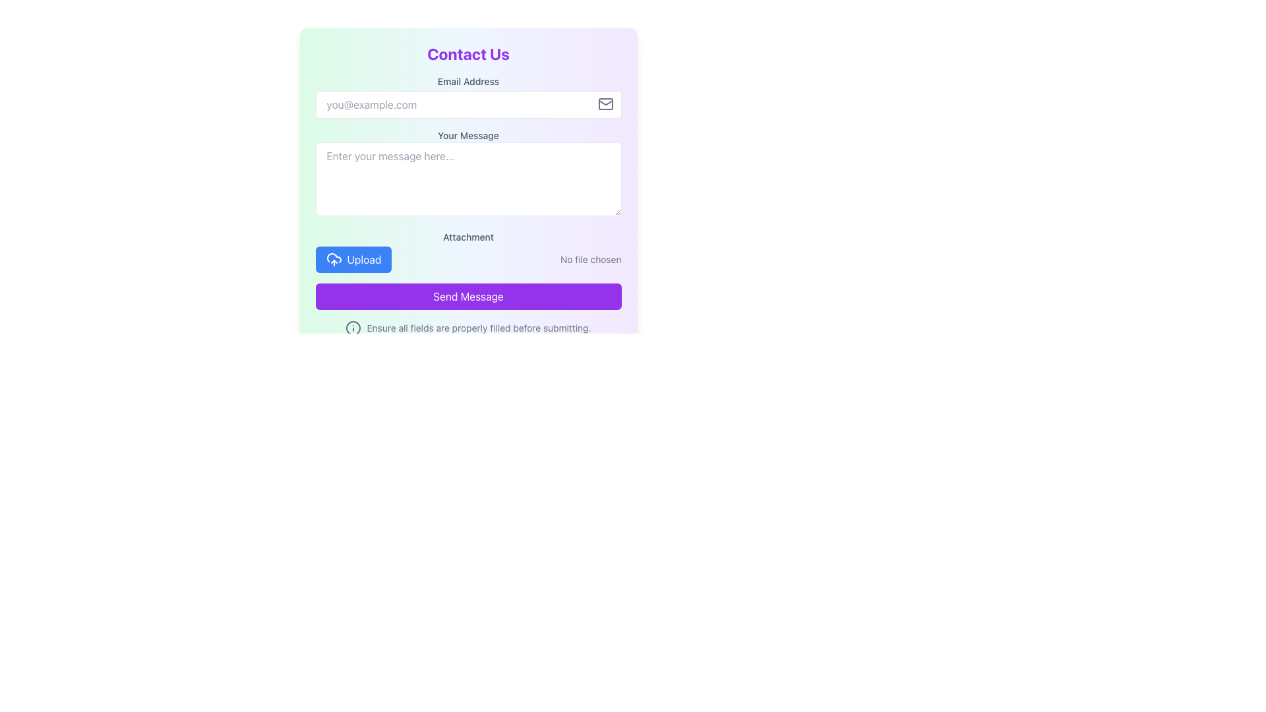 Image resolution: width=1266 pixels, height=712 pixels. Describe the element at coordinates (605, 104) in the screenshot. I see `the email input field icon, which is positioned on the right side of the 'Email Address' input box, aligned with its top and right boundaries` at that location.